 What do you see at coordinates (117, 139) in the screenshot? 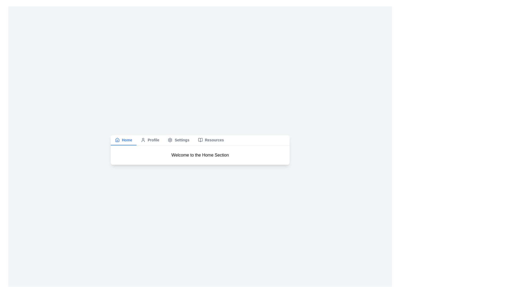
I see `the house-shaped icon located in the top left corner of the navigation bar, adjacent to the 'Home' text link` at bounding box center [117, 139].